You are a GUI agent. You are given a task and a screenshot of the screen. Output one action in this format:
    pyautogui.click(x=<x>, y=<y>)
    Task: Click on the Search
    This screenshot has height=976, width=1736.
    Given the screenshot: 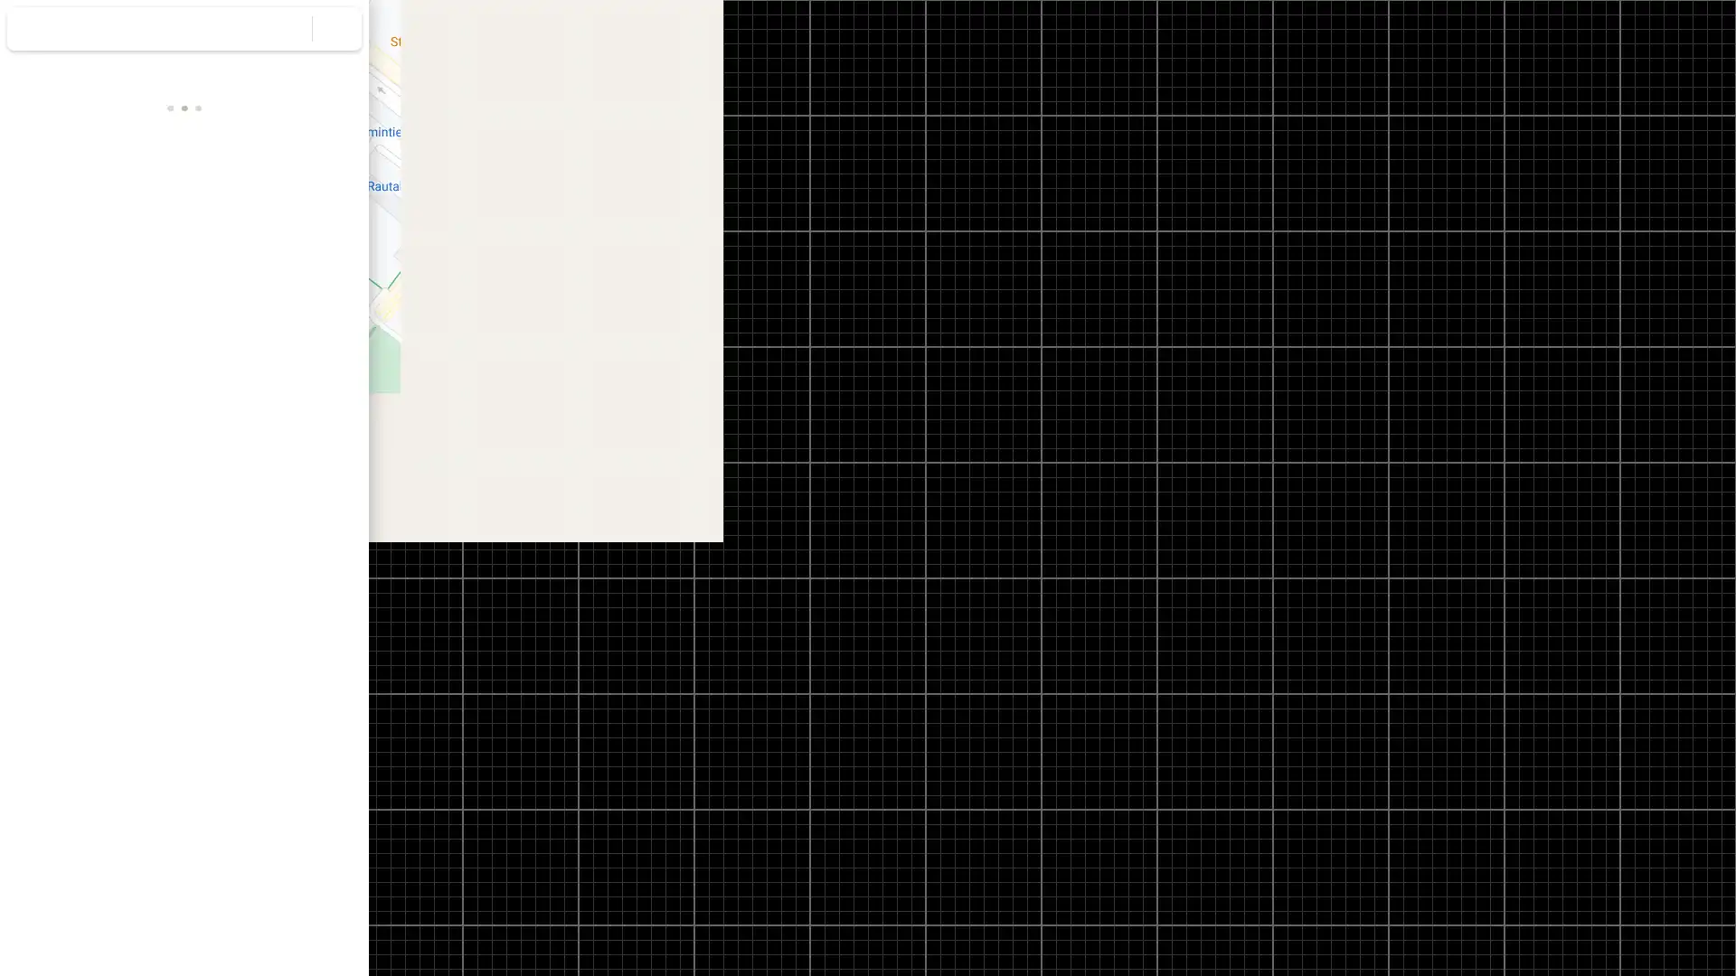 What is the action you would take?
    pyautogui.click(x=287, y=28)
    